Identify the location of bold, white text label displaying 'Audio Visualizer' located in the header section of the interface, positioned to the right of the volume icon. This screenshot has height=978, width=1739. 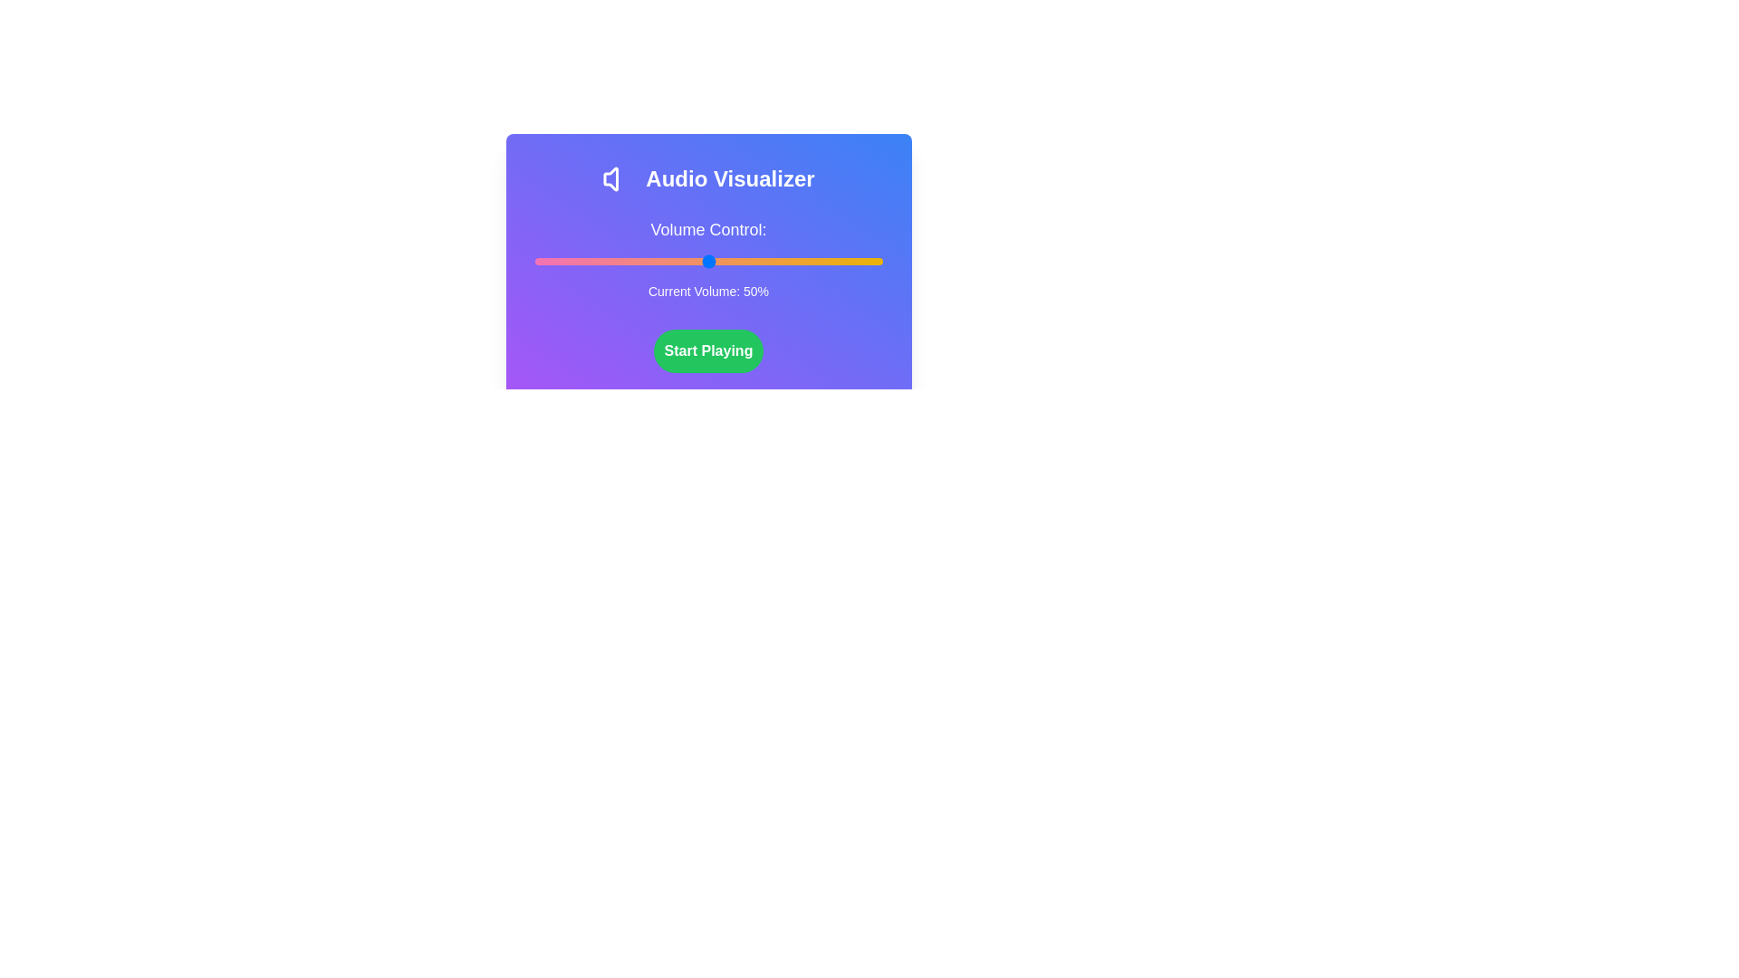
(730, 178).